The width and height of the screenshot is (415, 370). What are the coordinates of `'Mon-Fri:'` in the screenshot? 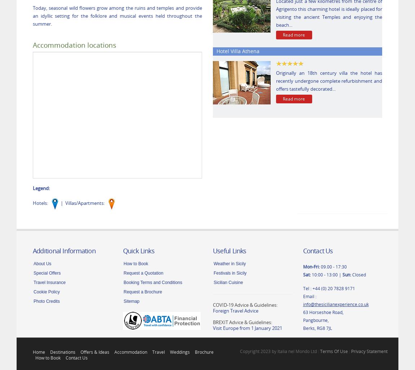 It's located at (311, 266).